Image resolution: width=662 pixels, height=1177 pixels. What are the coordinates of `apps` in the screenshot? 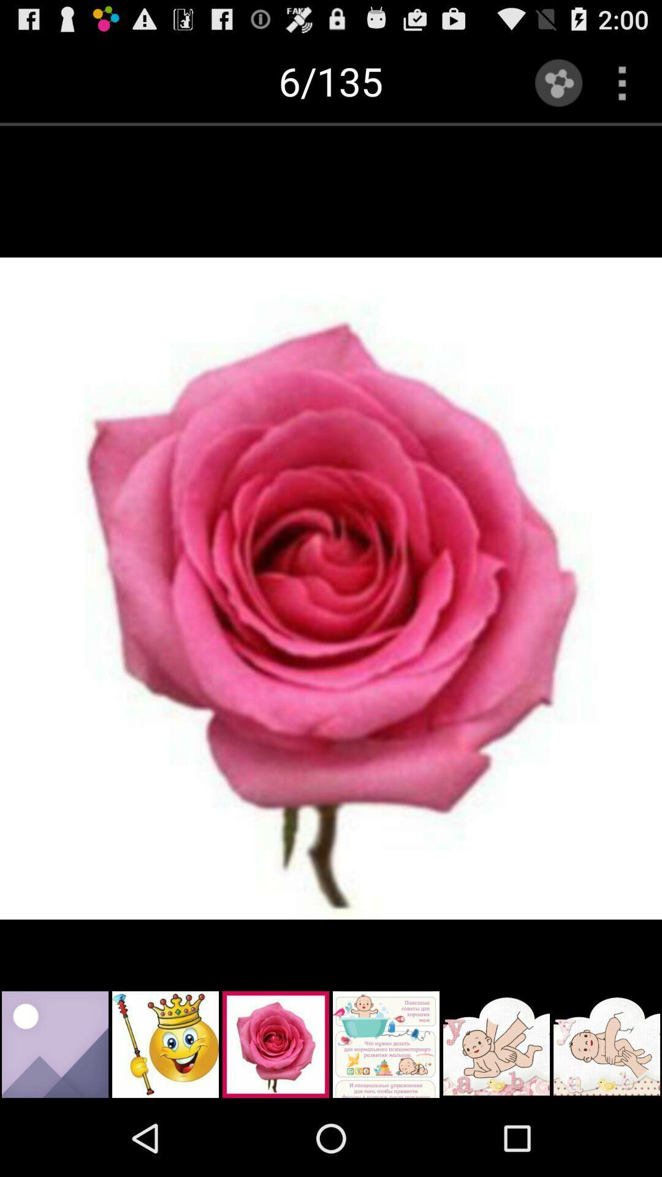 It's located at (622, 82).